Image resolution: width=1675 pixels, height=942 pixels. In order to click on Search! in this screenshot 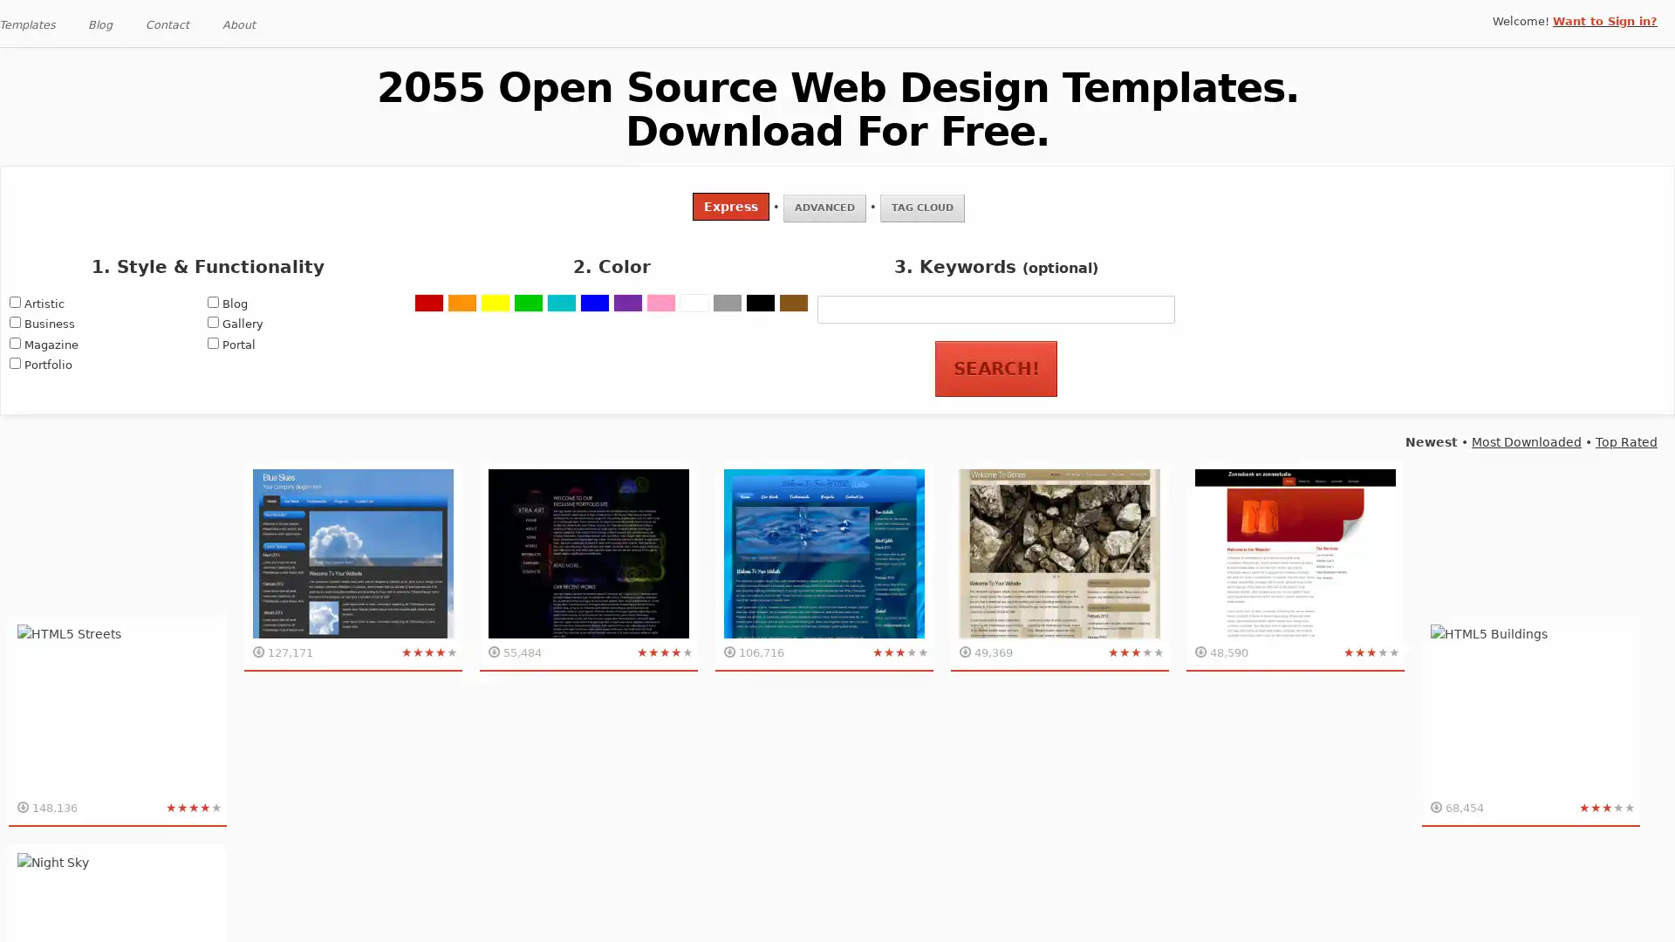, I will do `click(996, 368)`.